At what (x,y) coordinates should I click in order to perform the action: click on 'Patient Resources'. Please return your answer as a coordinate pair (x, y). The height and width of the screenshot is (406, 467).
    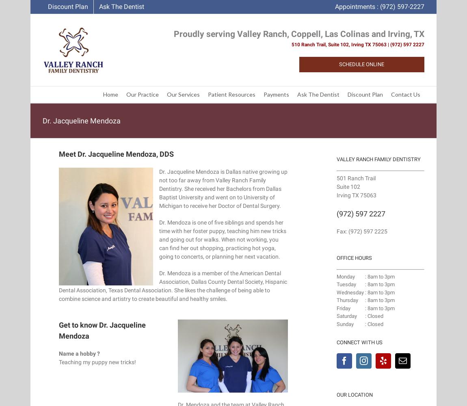
    Looking at the image, I should click on (231, 94).